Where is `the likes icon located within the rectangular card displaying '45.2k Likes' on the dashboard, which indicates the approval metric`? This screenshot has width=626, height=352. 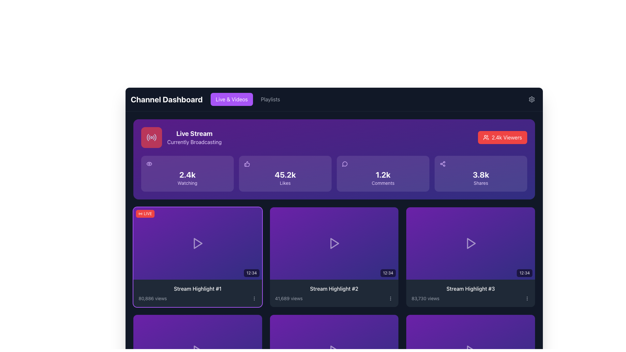 the likes icon located within the rectangular card displaying '45.2k Likes' on the dashboard, which indicates the approval metric is located at coordinates (247, 163).